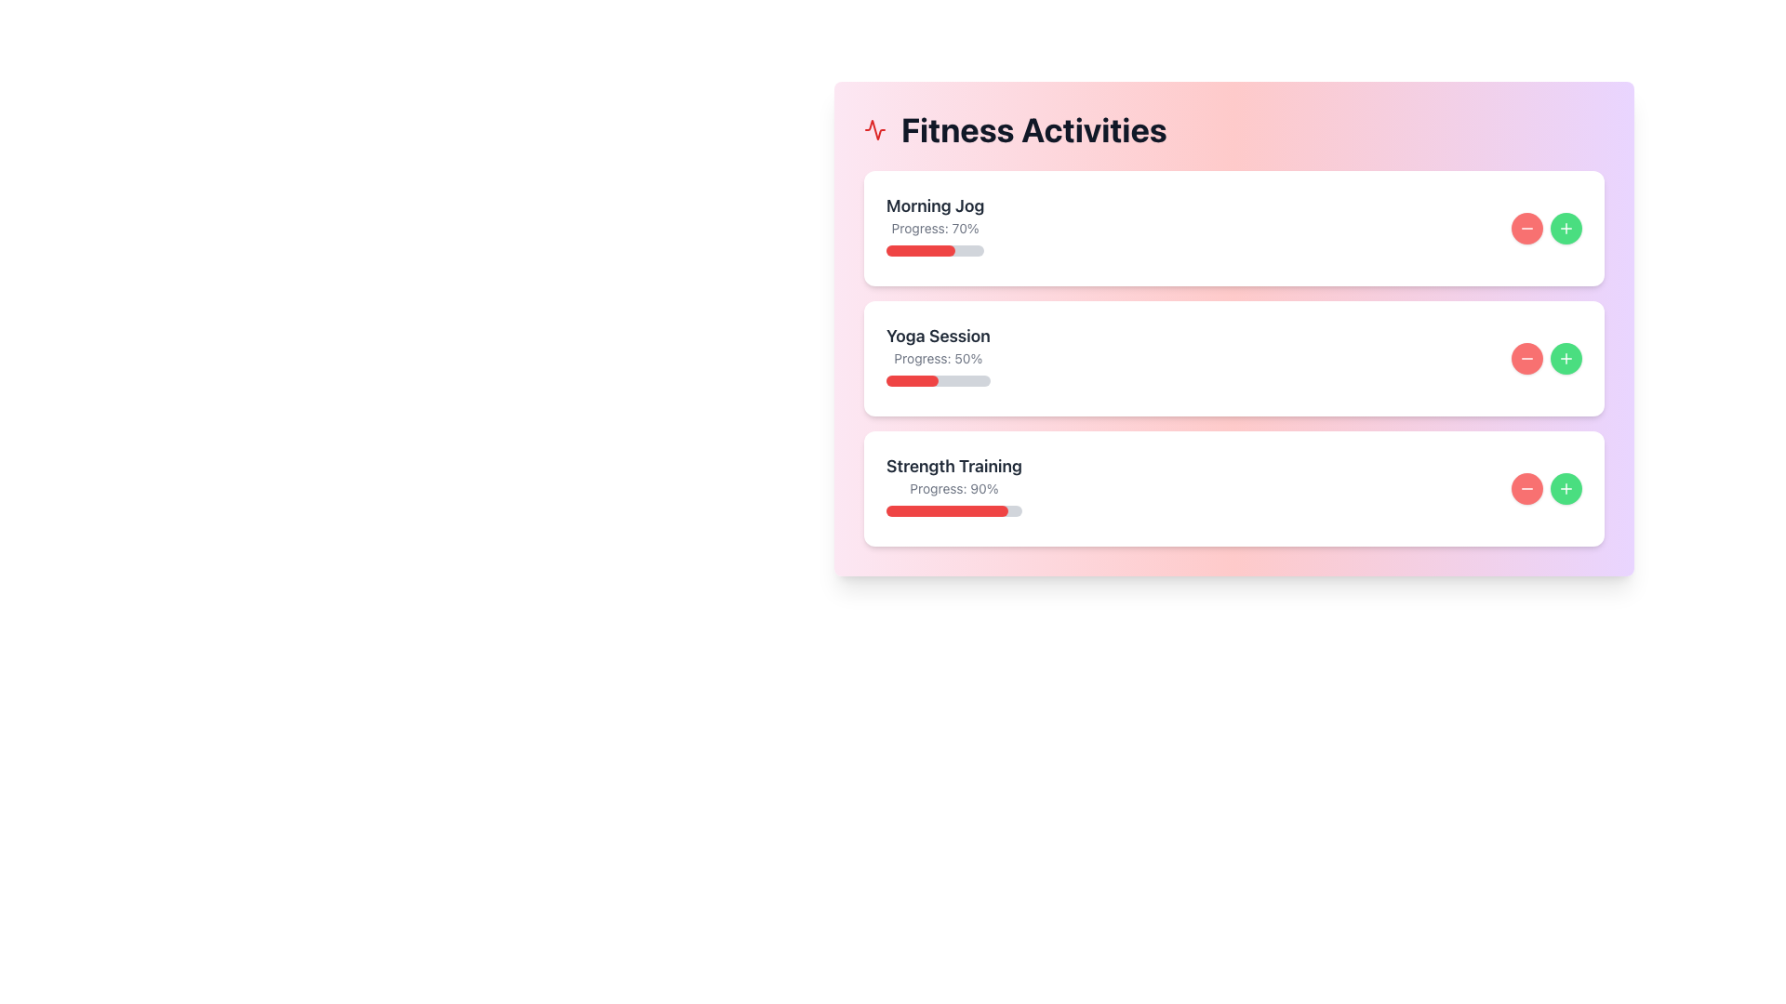 The height and width of the screenshot is (1004, 1786). Describe the element at coordinates (873, 128) in the screenshot. I see `the decorative icon that emphasizes the 'Fitness Activities' section, located at the leftmost part of the section heading` at that location.